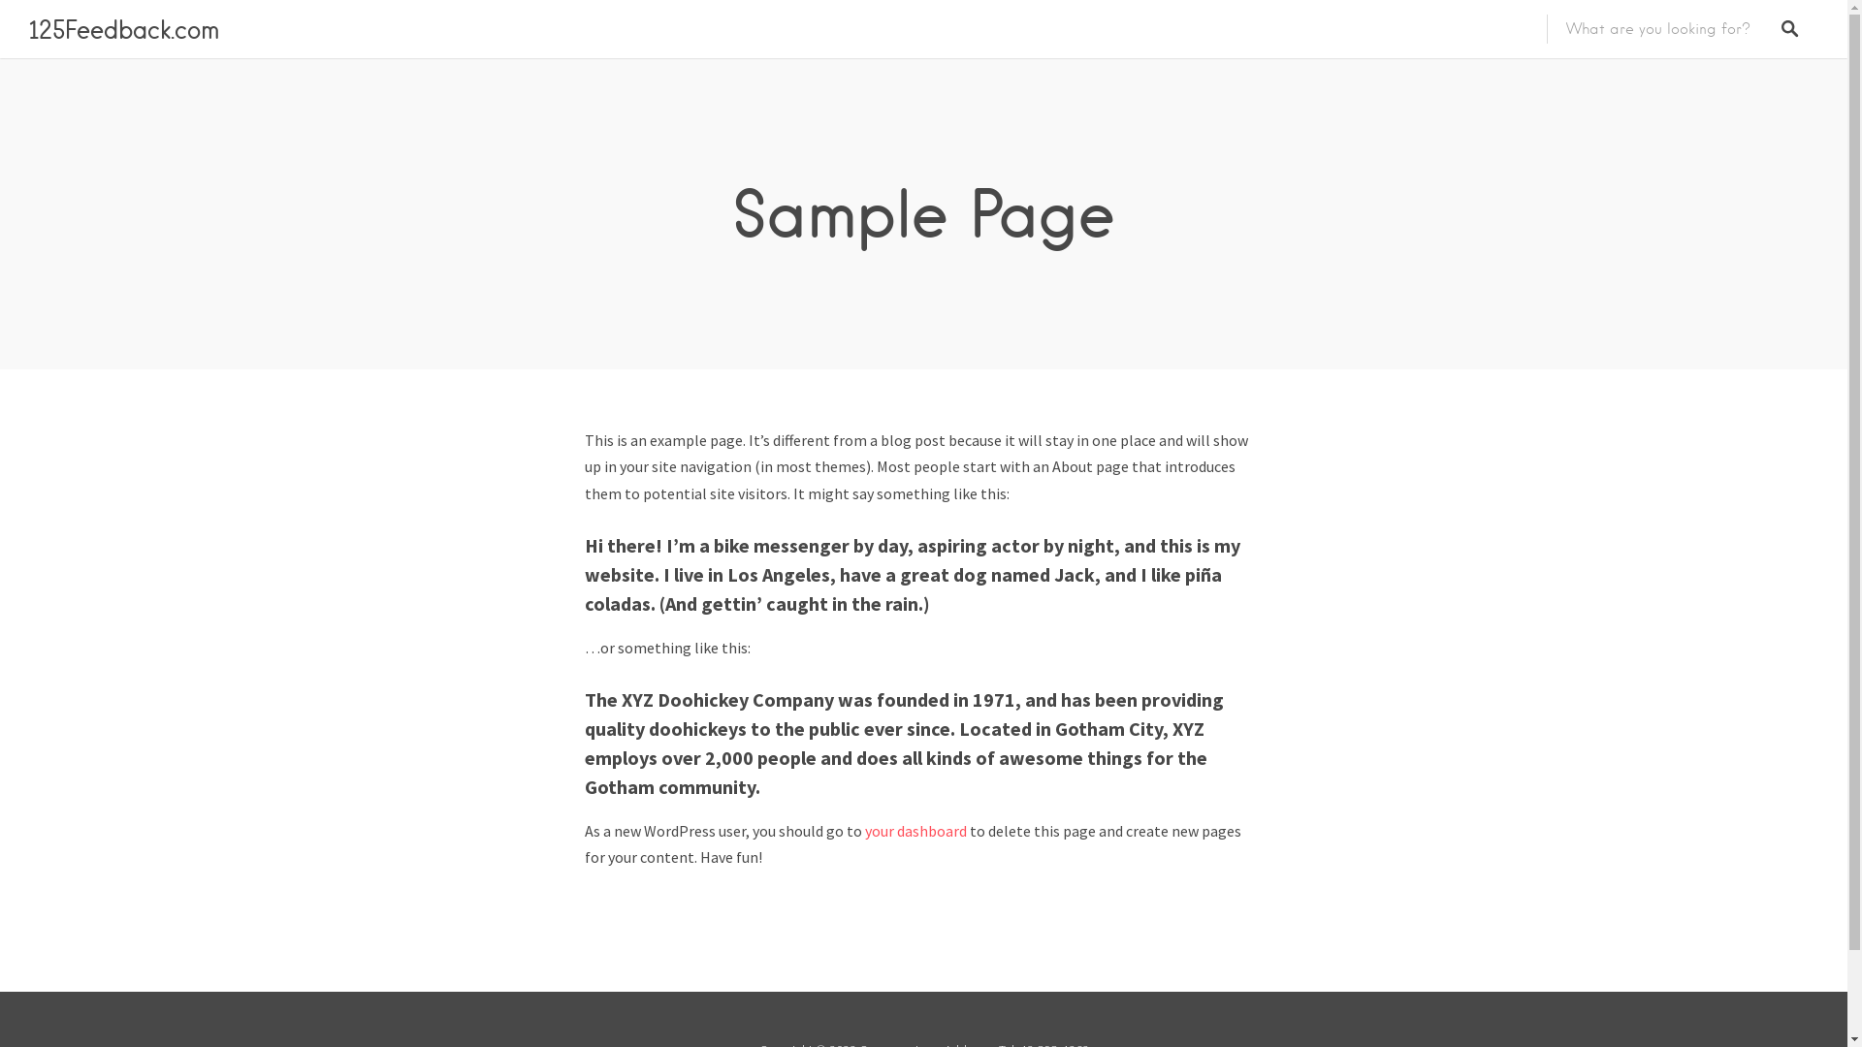 This screenshot has width=1862, height=1047. I want to click on '125Feedback.com', so click(123, 29).